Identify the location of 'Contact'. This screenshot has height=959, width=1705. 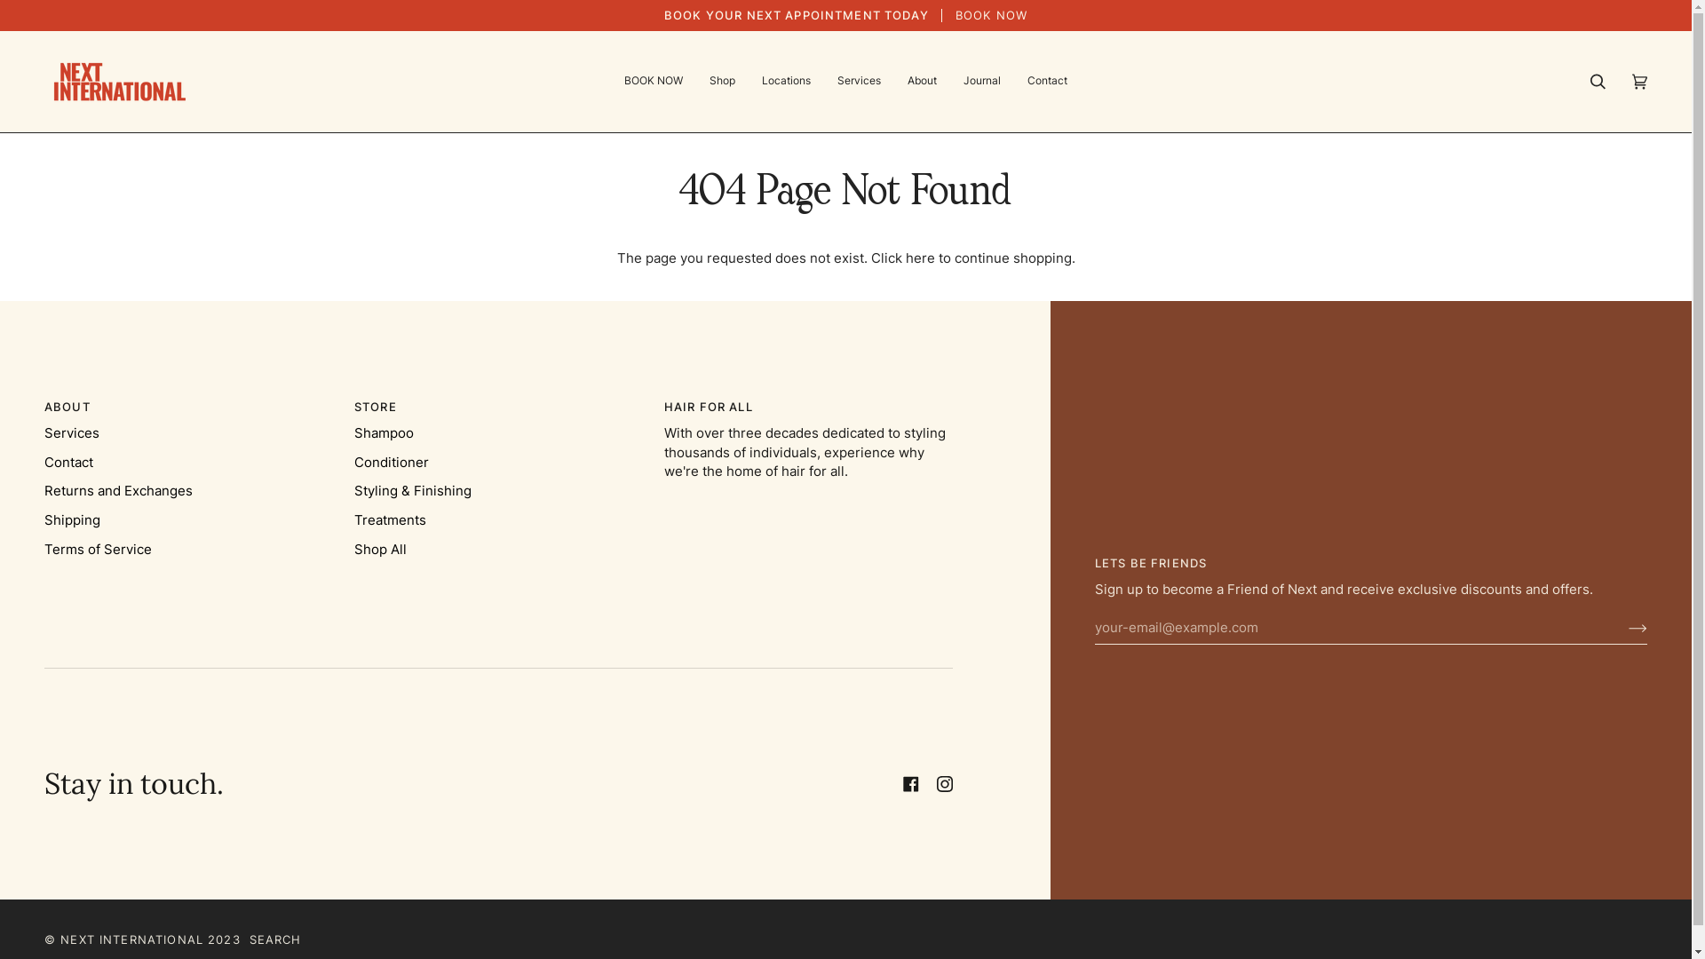
(68, 461).